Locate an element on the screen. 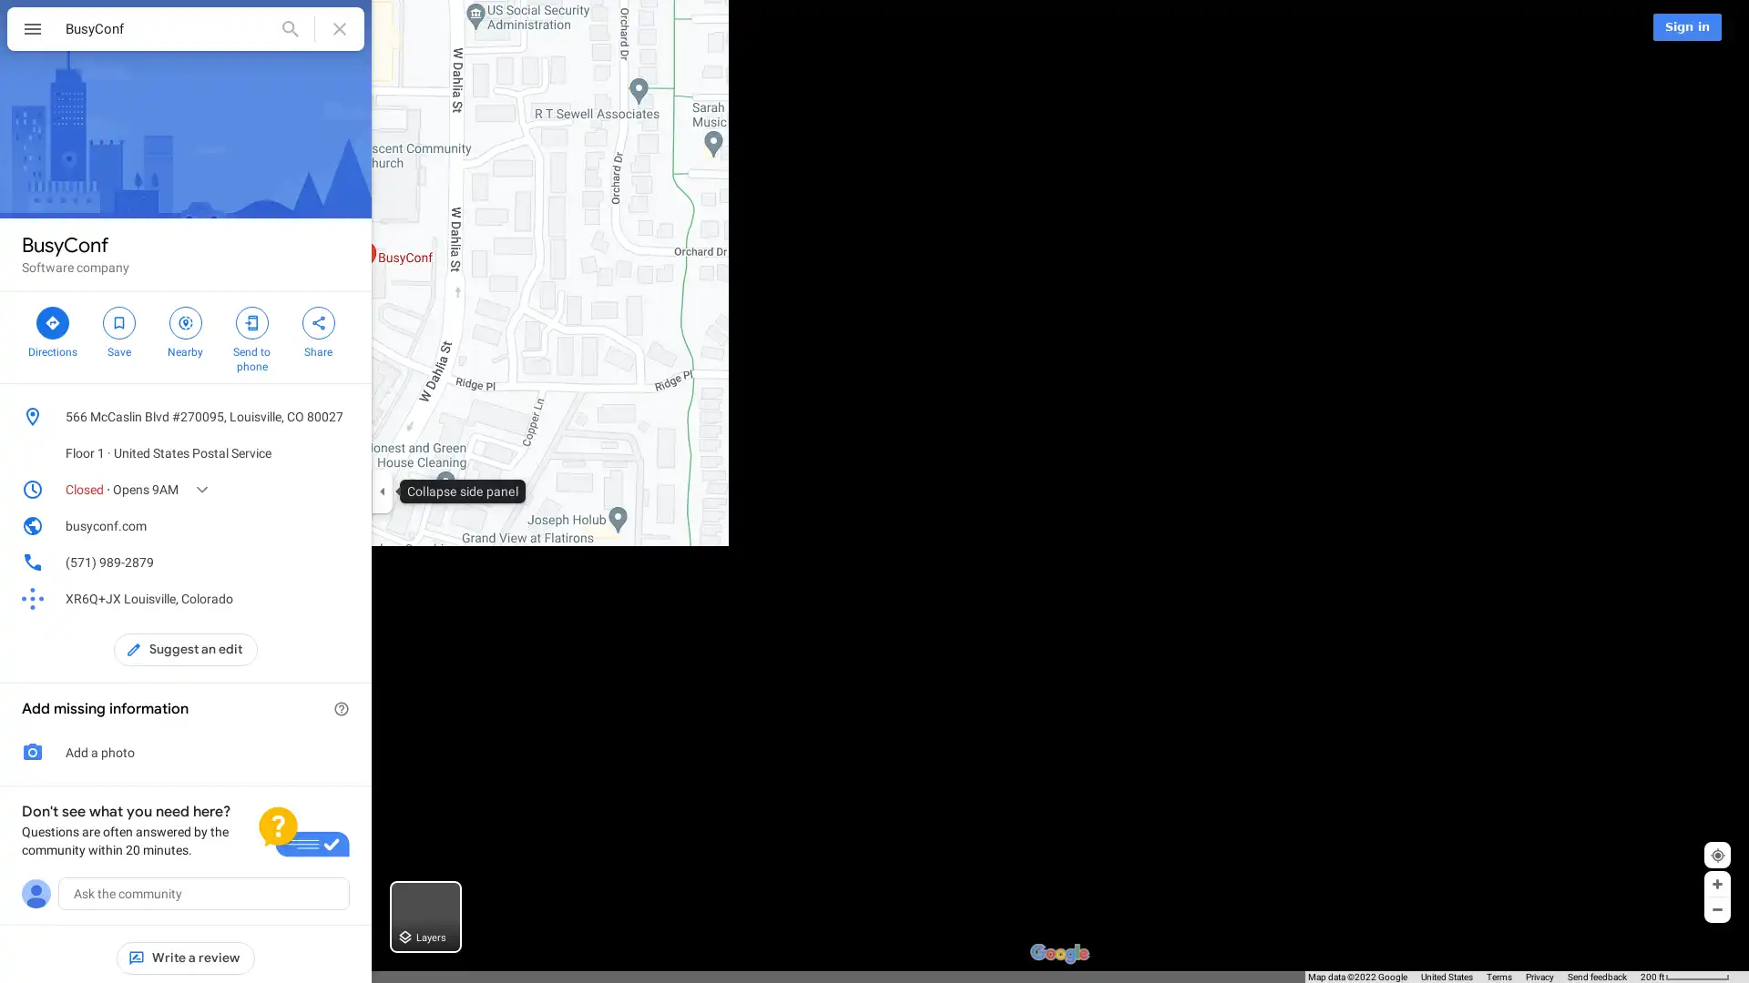 Image resolution: width=1749 pixels, height=983 pixels. Layers is located at coordinates (424, 928).